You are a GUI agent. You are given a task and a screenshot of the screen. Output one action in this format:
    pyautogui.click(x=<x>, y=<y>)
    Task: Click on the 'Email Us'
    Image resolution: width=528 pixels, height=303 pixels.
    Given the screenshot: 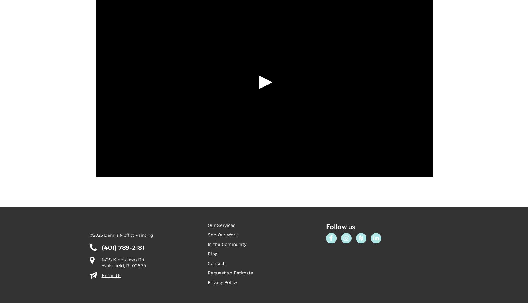 What is the action you would take?
    pyautogui.click(x=101, y=290)
    